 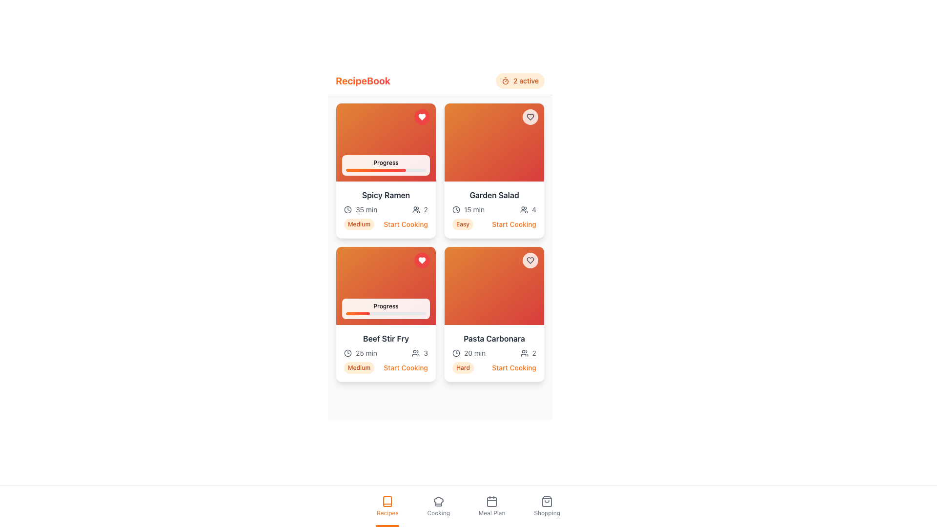 What do you see at coordinates (513, 367) in the screenshot?
I see `the 'Start Cooking' text link styled in orange, located at the bottom right of the 'Pasta Carbonara' recipe card` at bounding box center [513, 367].